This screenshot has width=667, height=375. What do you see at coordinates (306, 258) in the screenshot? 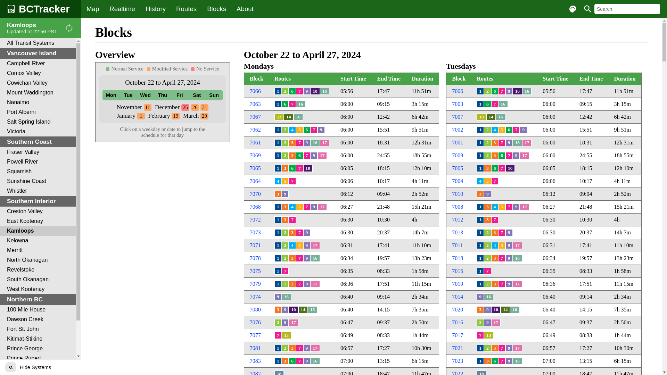
I see `'9'` at bounding box center [306, 258].